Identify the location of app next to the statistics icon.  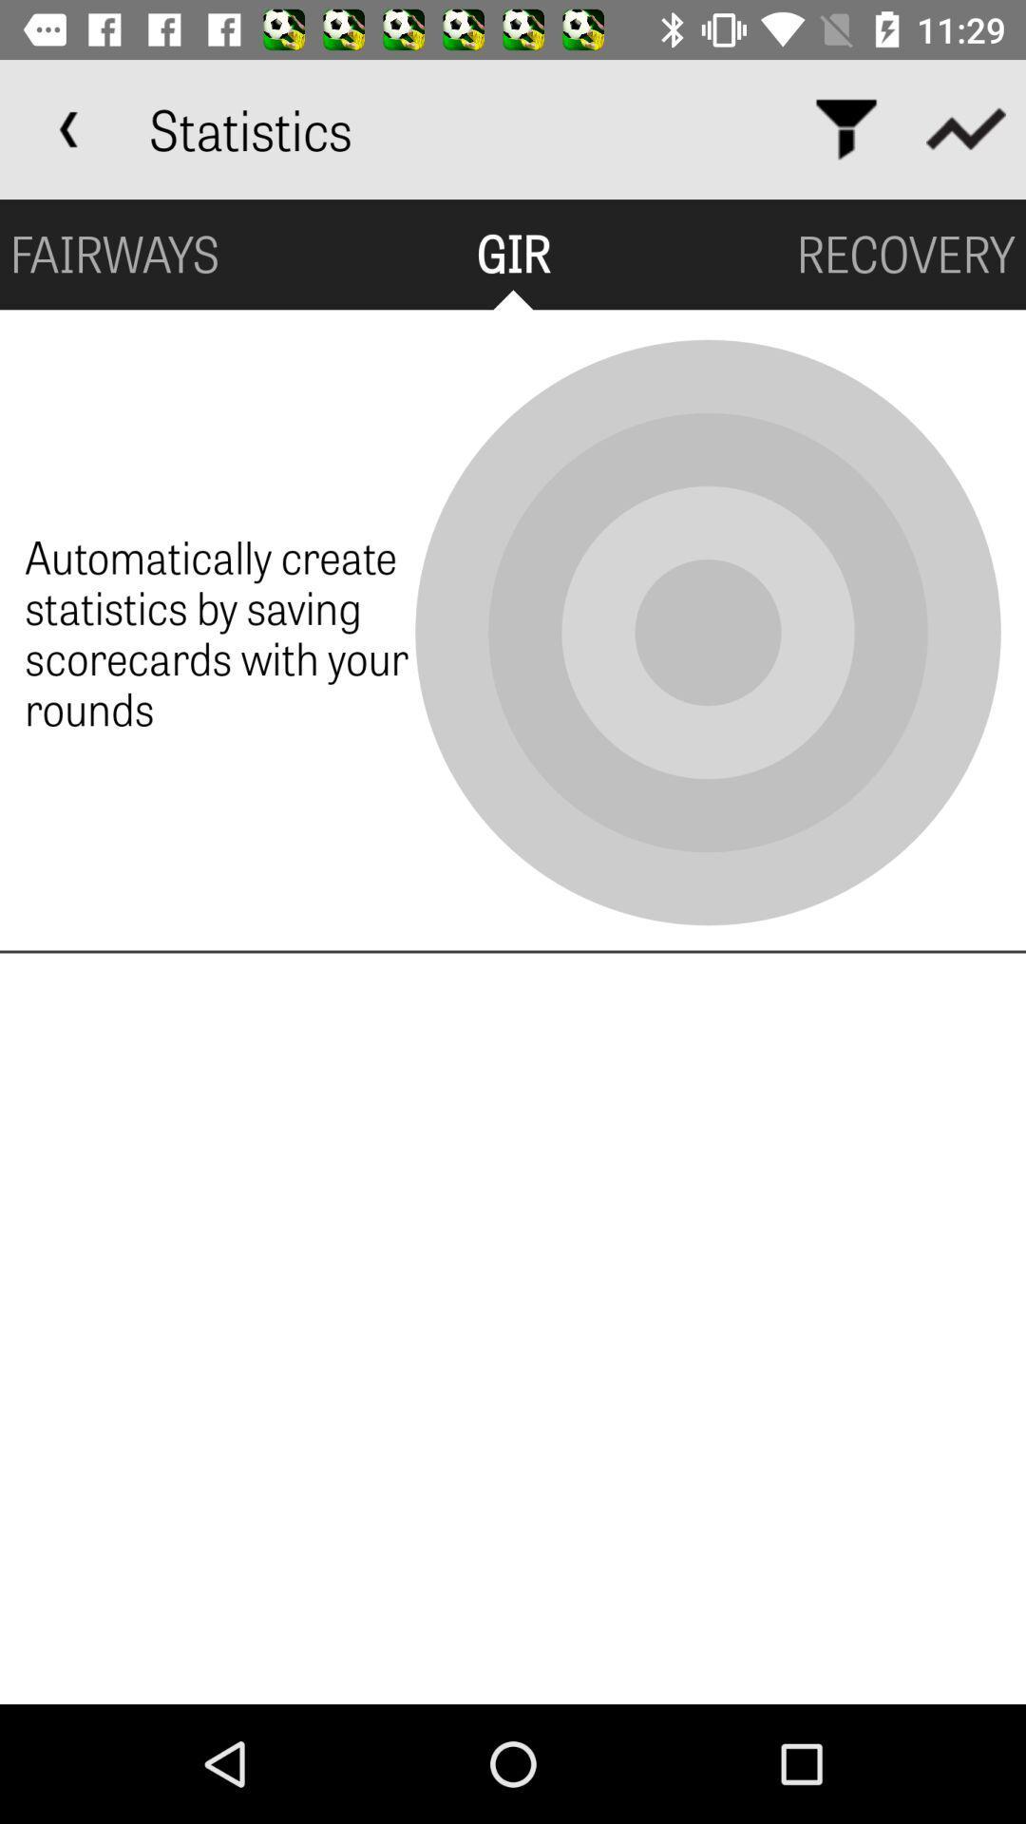
(845, 128).